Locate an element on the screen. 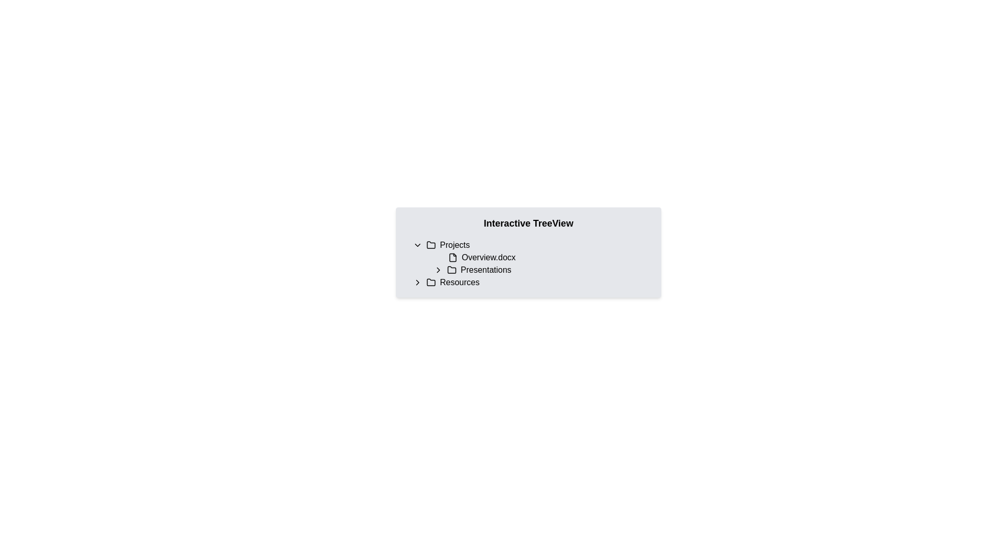  the 'Interactive TreeView' component is located at coordinates (528, 252).